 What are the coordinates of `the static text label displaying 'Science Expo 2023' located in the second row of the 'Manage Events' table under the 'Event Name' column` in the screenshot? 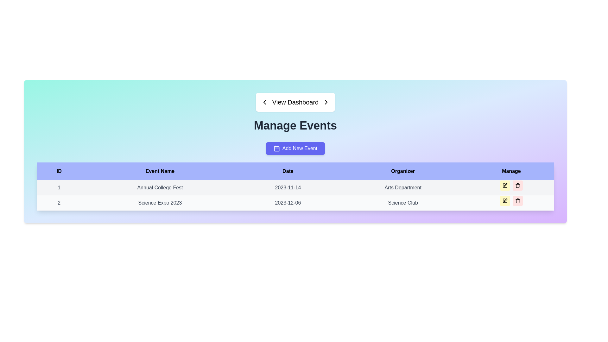 It's located at (160, 203).